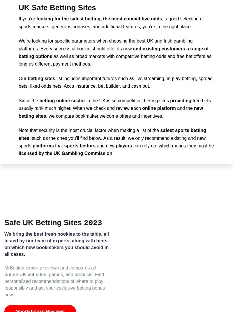  I want to click on 'providing', so click(181, 100).